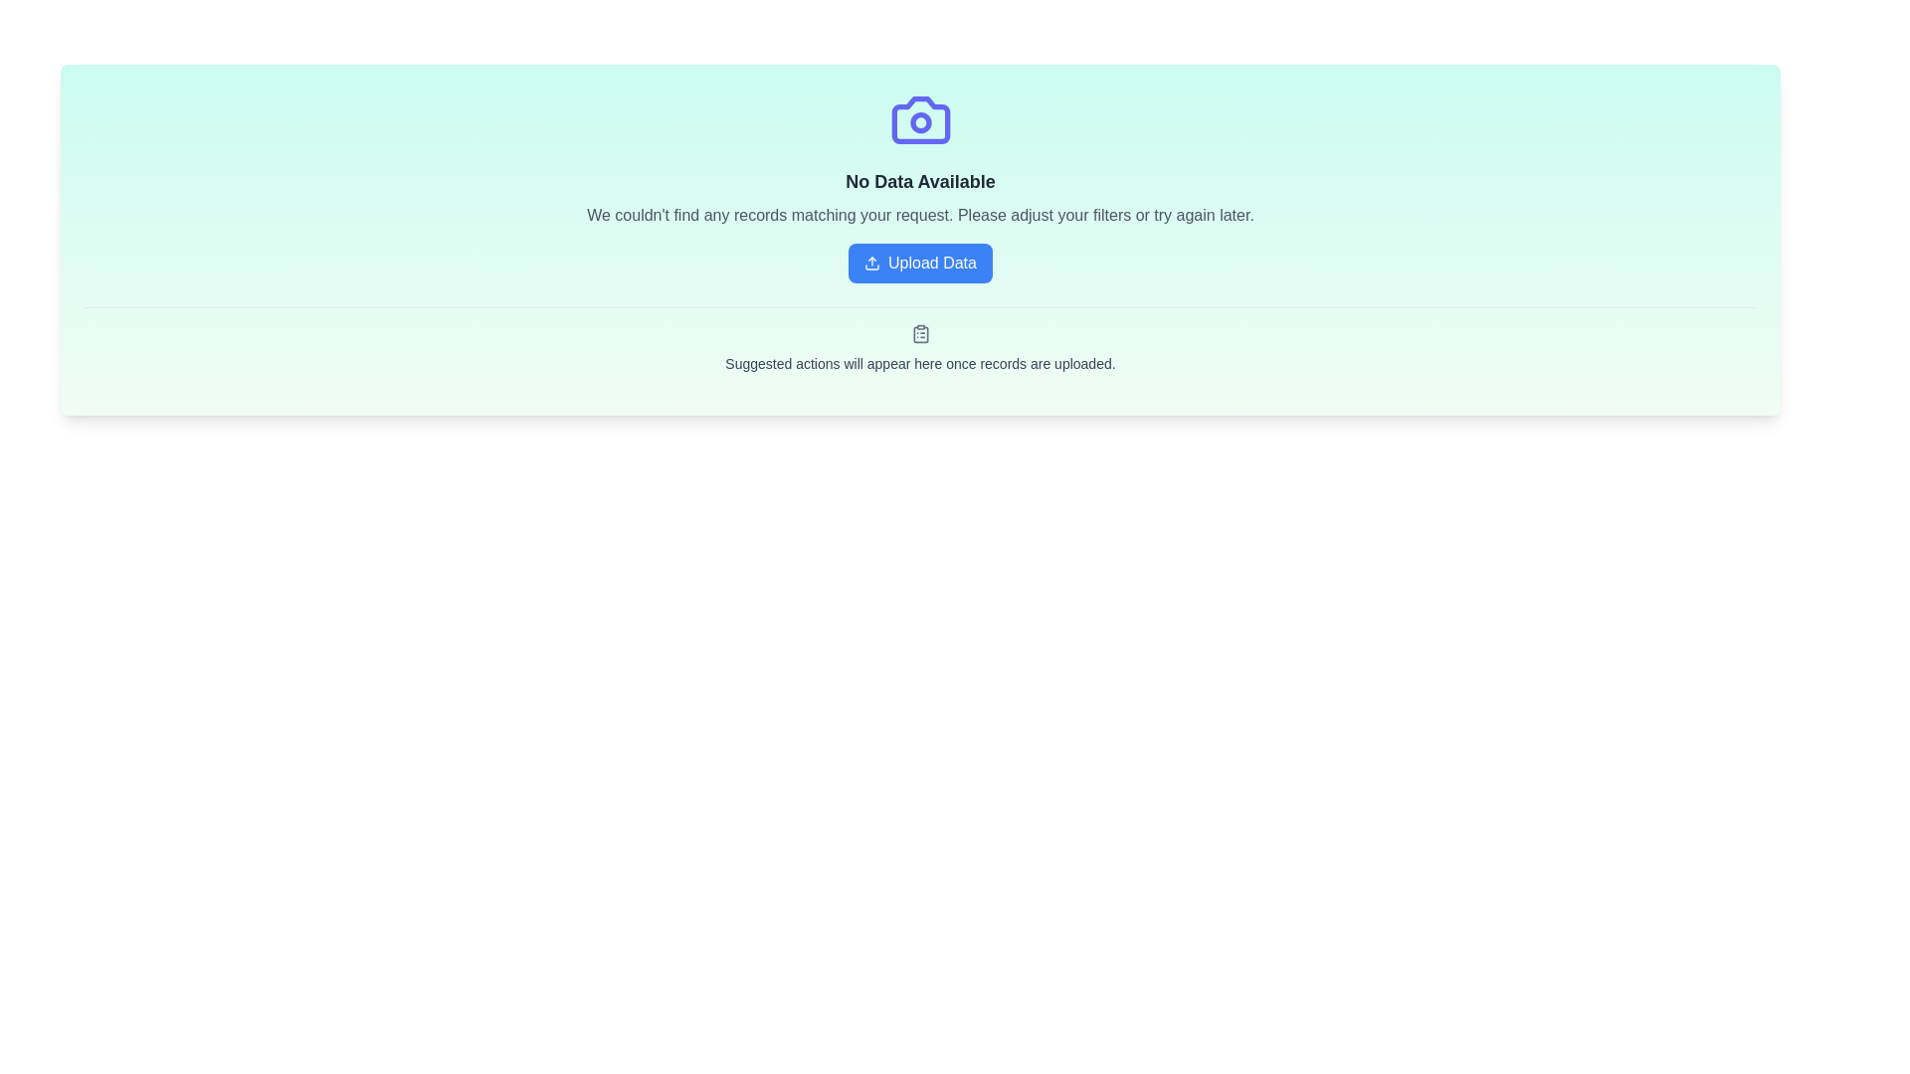 Image resolution: width=1910 pixels, height=1074 pixels. I want to click on the central circular icon representing the lens area of the camera SVG icon, so click(919, 122).